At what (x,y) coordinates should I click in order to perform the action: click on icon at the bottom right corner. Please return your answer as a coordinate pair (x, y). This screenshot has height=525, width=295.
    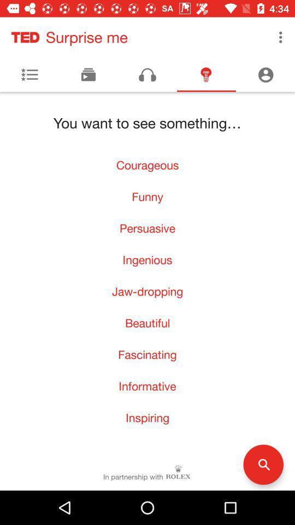
    Looking at the image, I should click on (263, 464).